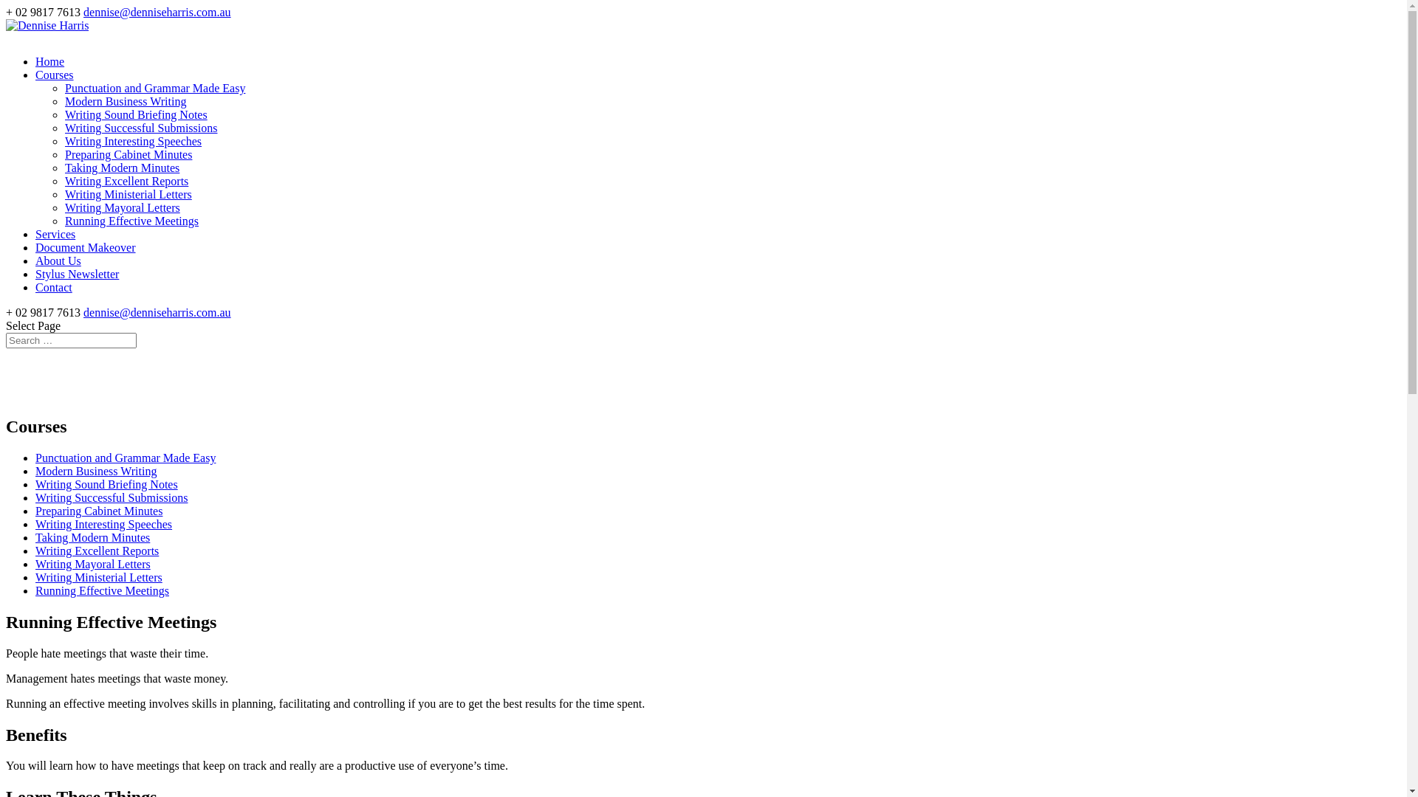  Describe the element at coordinates (136, 114) in the screenshot. I see `'Writing Sound Briefing Notes'` at that location.